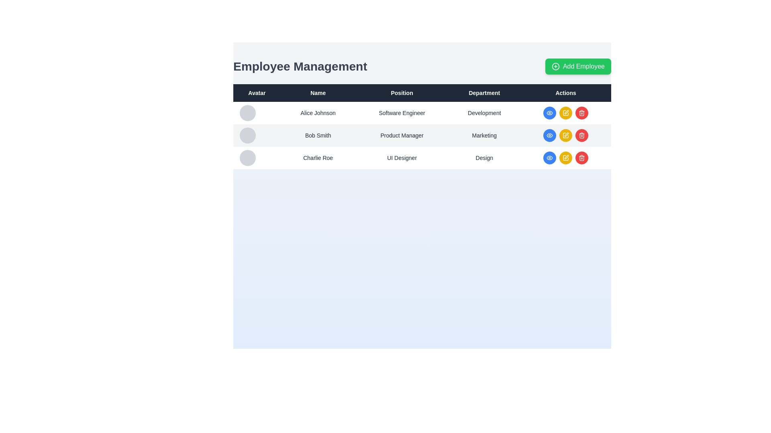 This screenshot has height=433, width=771. I want to click on the circular part of the plus-circle icon that represents the 'Add Employee' functionality, located in the top-right section of the UI, so click(555, 66).